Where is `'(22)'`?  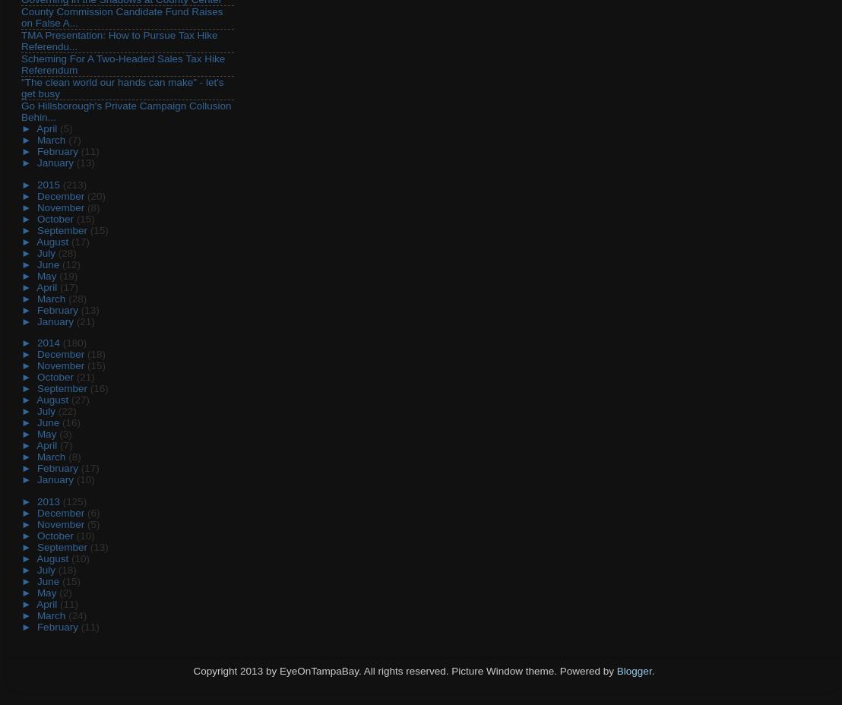 '(22)' is located at coordinates (65, 410).